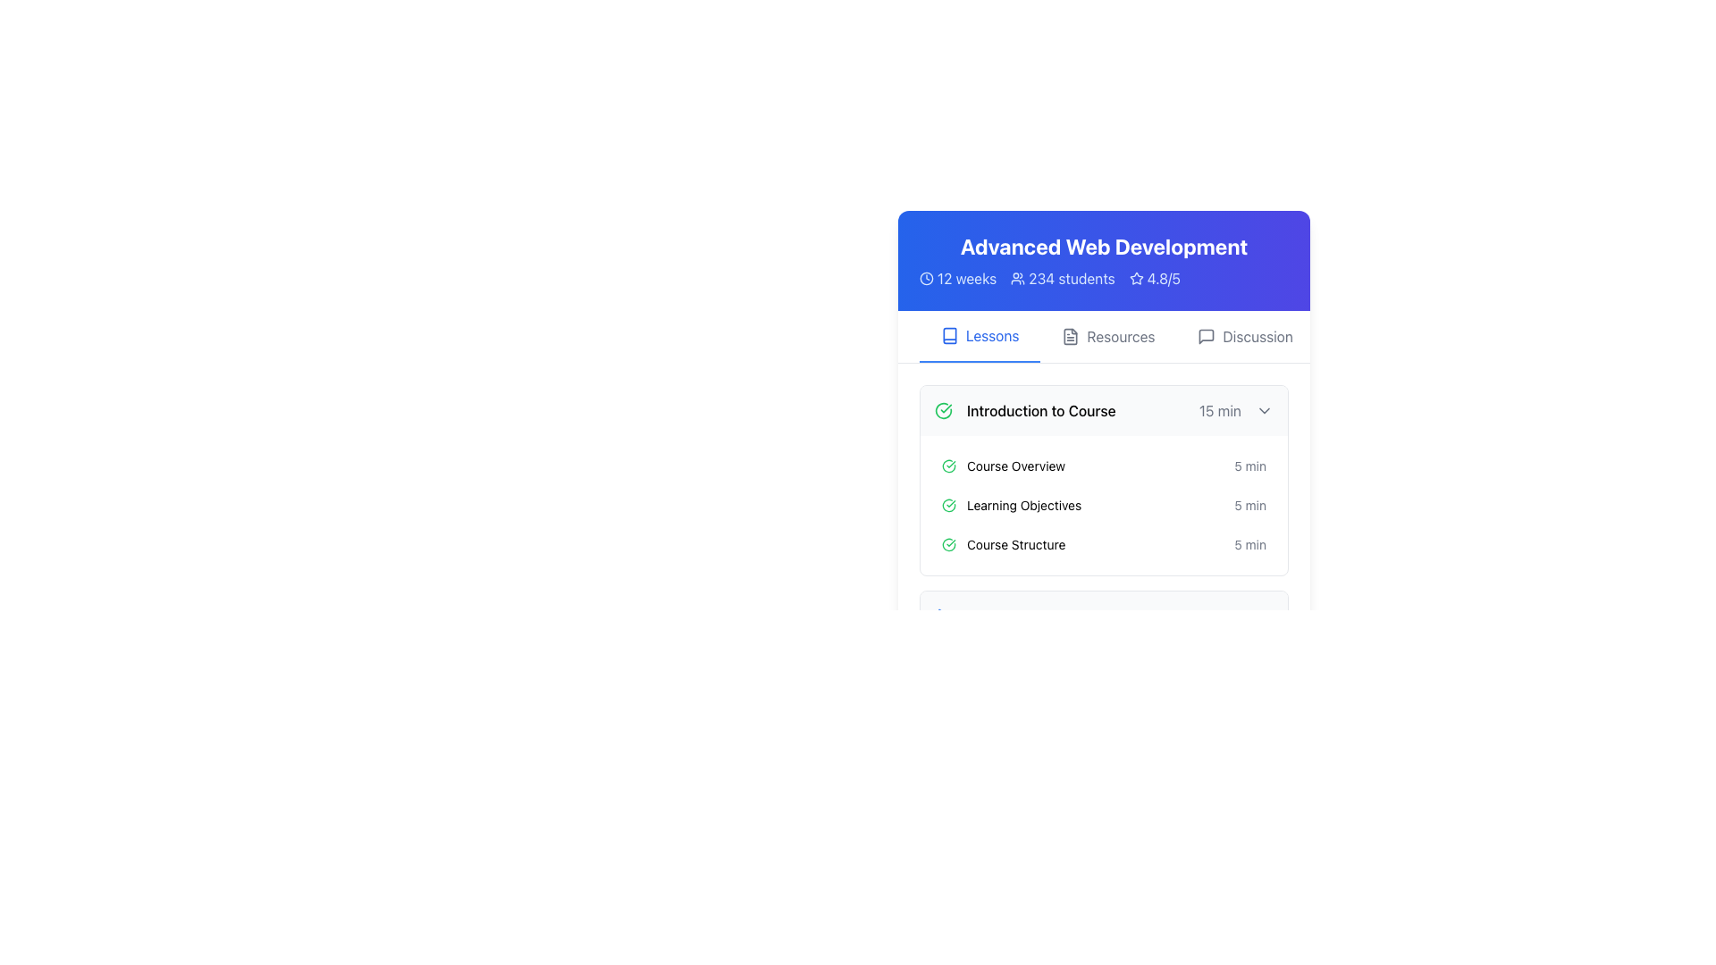 The height and width of the screenshot is (965, 1716). What do you see at coordinates (1004, 465) in the screenshot?
I see `text of the 'Course Overview' label, which is styled with a sans-serif font and indicates completion with a green circular checkmark icon to its left` at bounding box center [1004, 465].